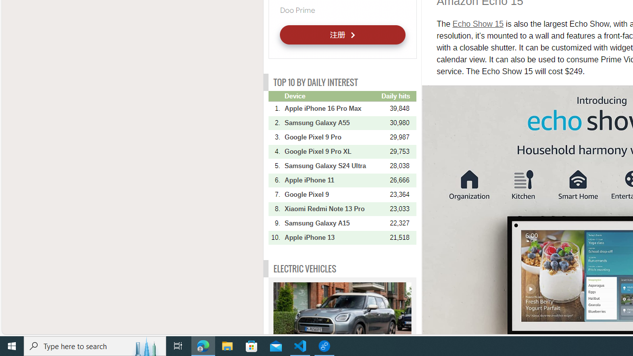 The image size is (633, 356). What do you see at coordinates (478, 23) in the screenshot?
I see `'Echo Show 15'` at bounding box center [478, 23].